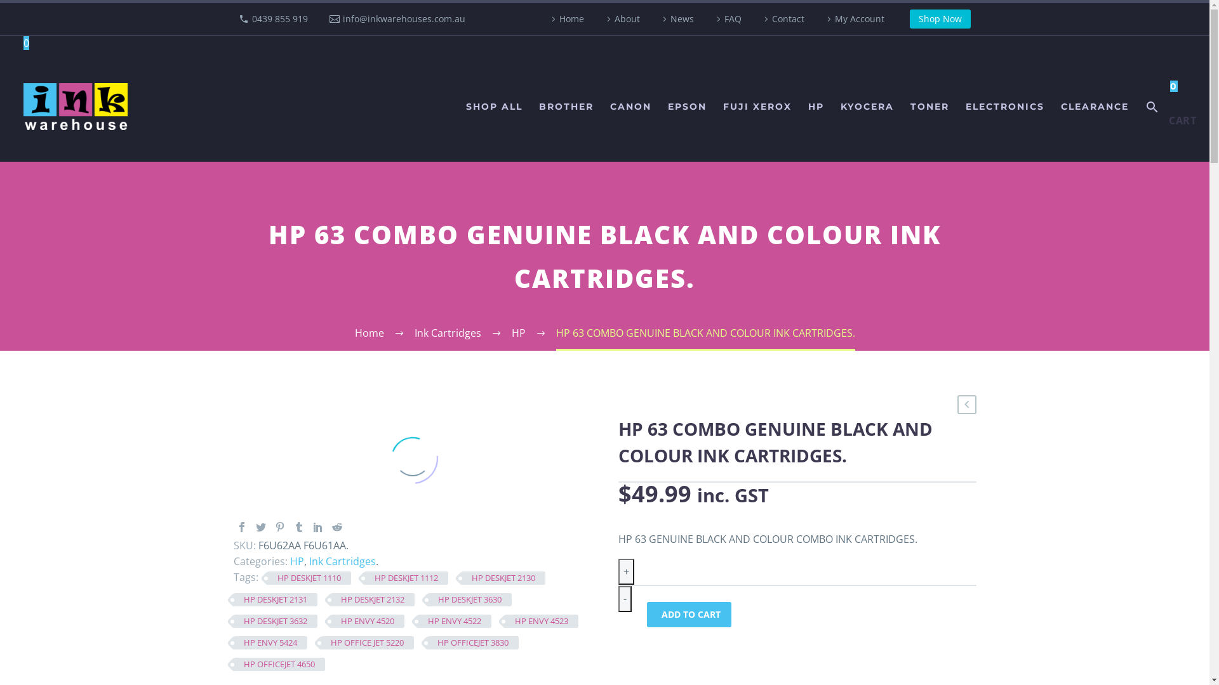 This screenshot has width=1219, height=685. What do you see at coordinates (241, 526) in the screenshot?
I see `'Facebook'` at bounding box center [241, 526].